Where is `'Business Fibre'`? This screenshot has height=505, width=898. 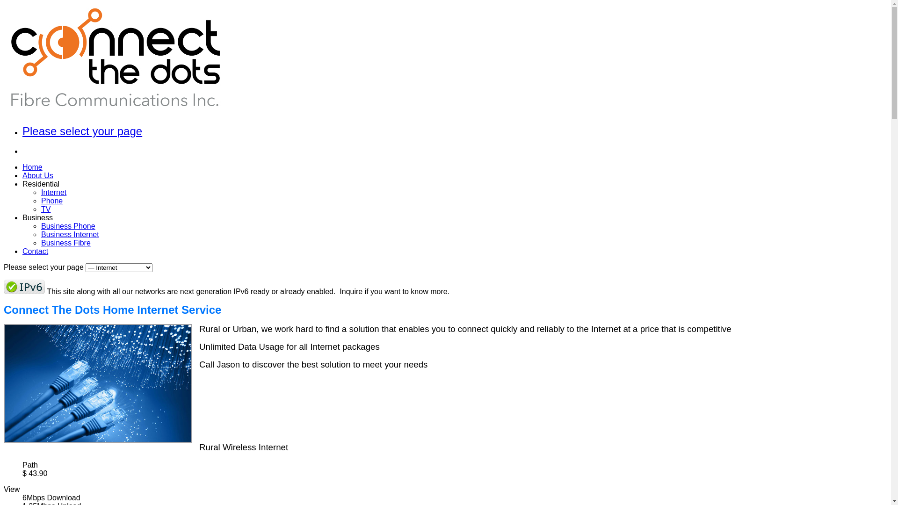
'Business Fibre' is located at coordinates (40, 242).